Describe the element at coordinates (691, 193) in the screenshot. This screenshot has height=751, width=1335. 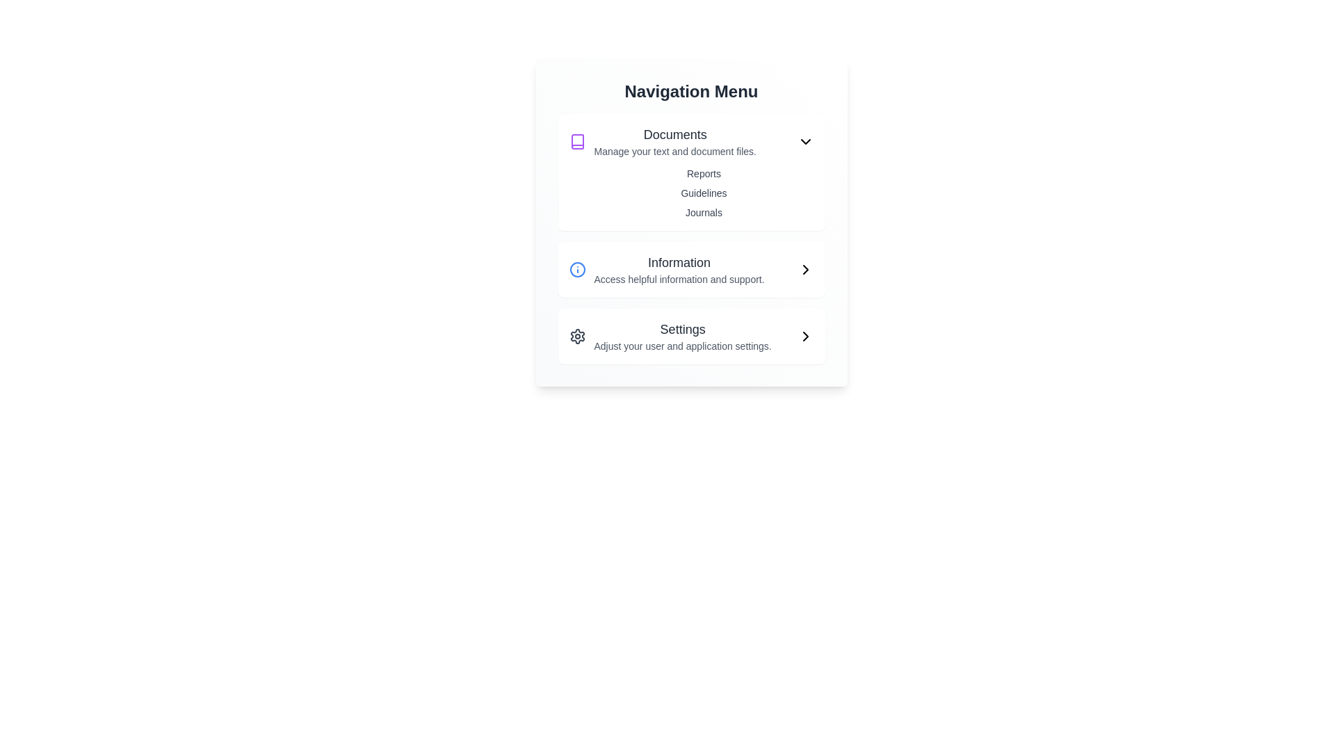
I see `the 'Guidelines' navigation link located as the second item under the 'Documents' section in the navigation menu` at that location.